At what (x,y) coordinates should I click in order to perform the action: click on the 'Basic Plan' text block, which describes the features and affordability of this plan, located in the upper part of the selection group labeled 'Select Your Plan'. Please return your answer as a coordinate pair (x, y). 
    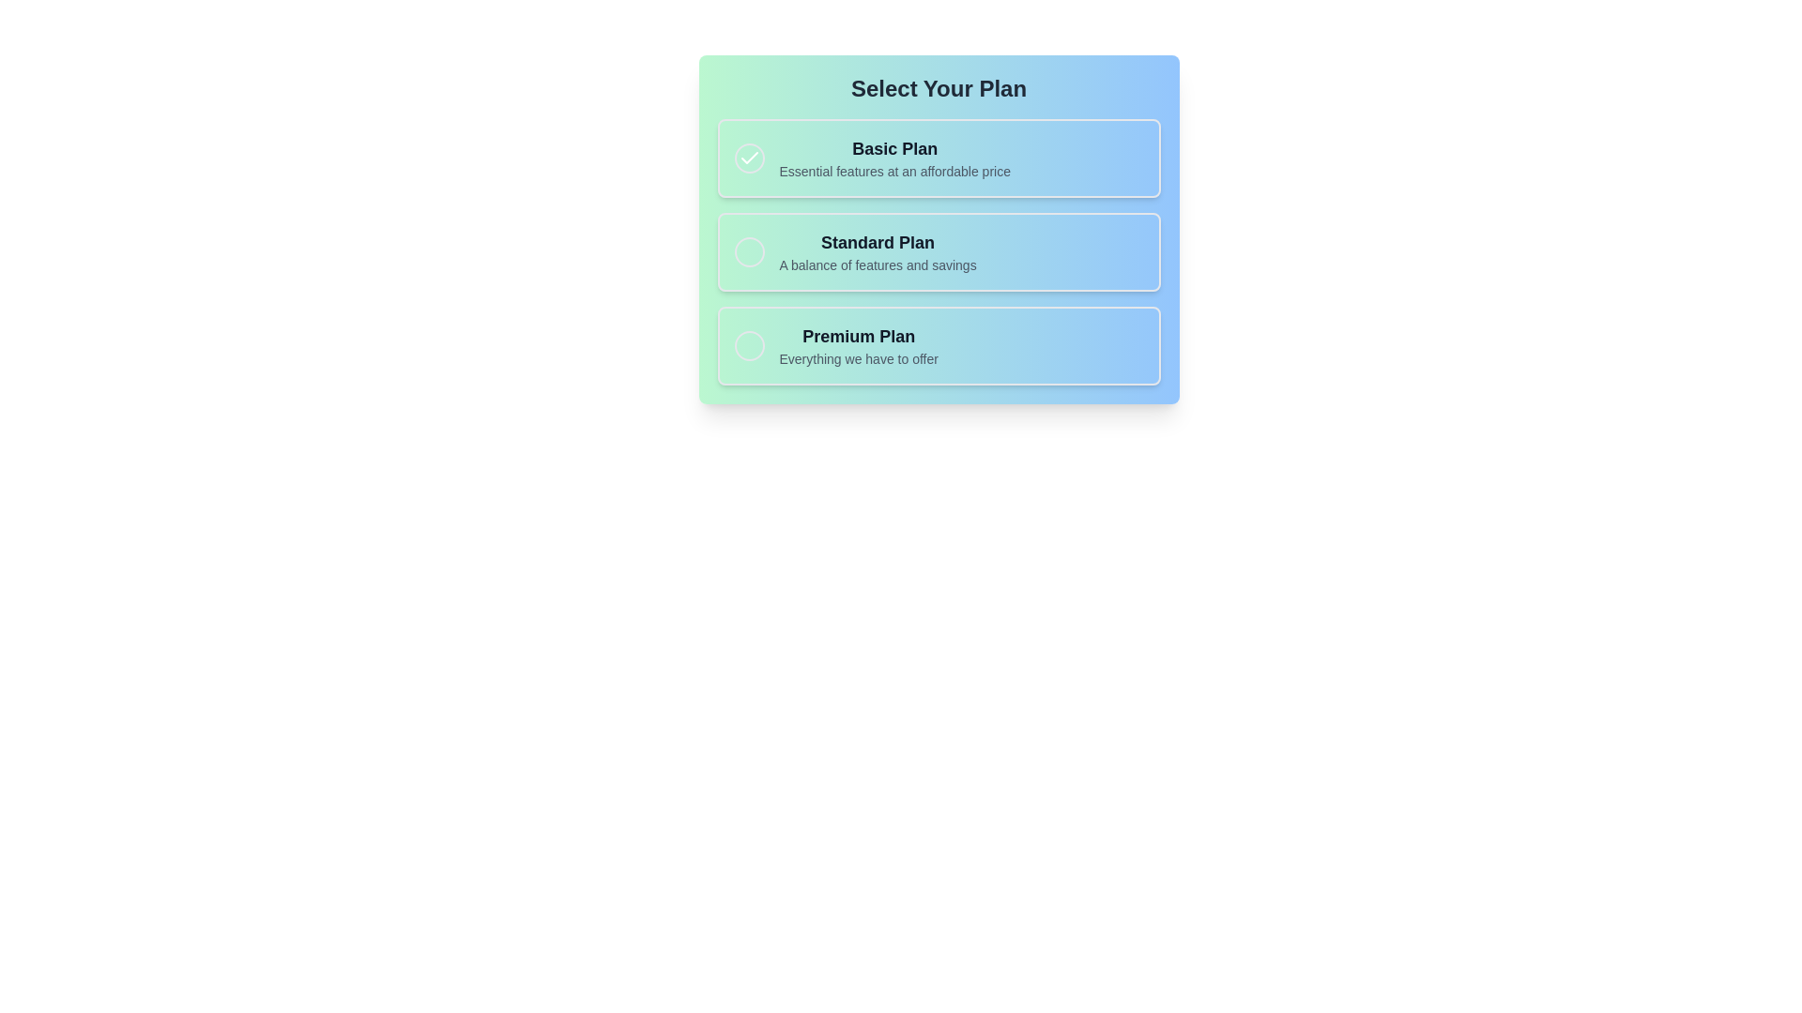
    Looking at the image, I should click on (893, 158).